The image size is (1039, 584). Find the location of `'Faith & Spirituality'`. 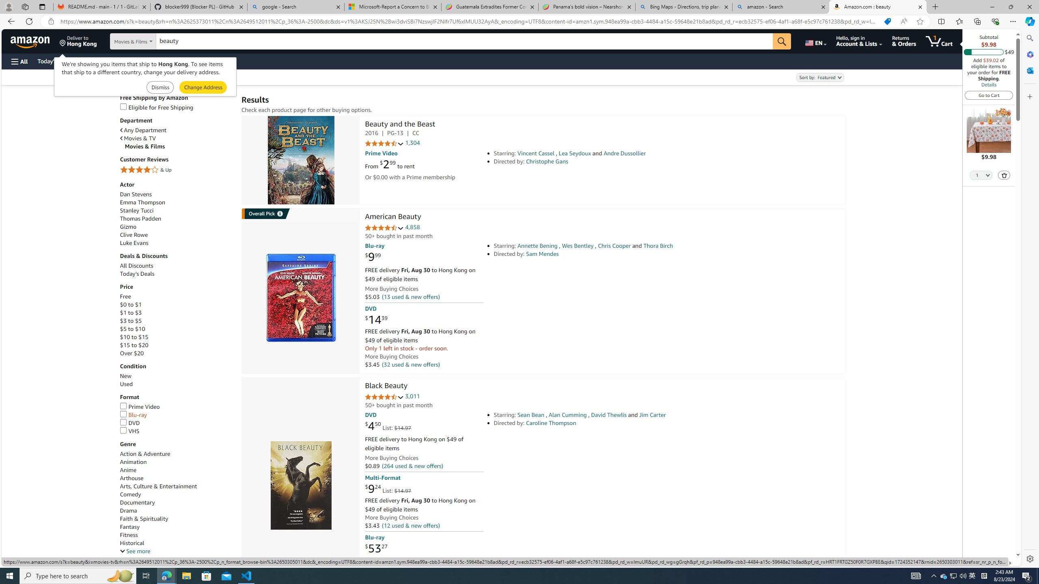

'Faith & Spirituality' is located at coordinates (177, 519).